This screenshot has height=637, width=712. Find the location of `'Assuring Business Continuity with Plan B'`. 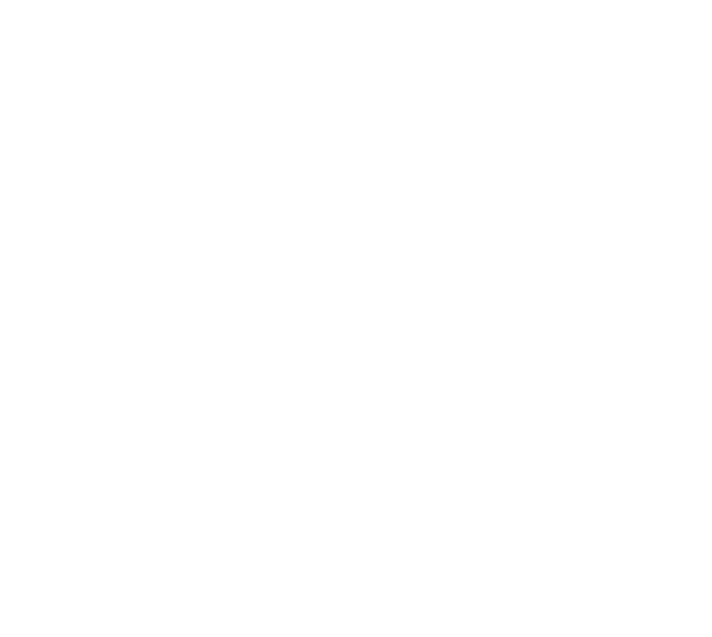

'Assuring Business Continuity with Plan B' is located at coordinates (43, 512).